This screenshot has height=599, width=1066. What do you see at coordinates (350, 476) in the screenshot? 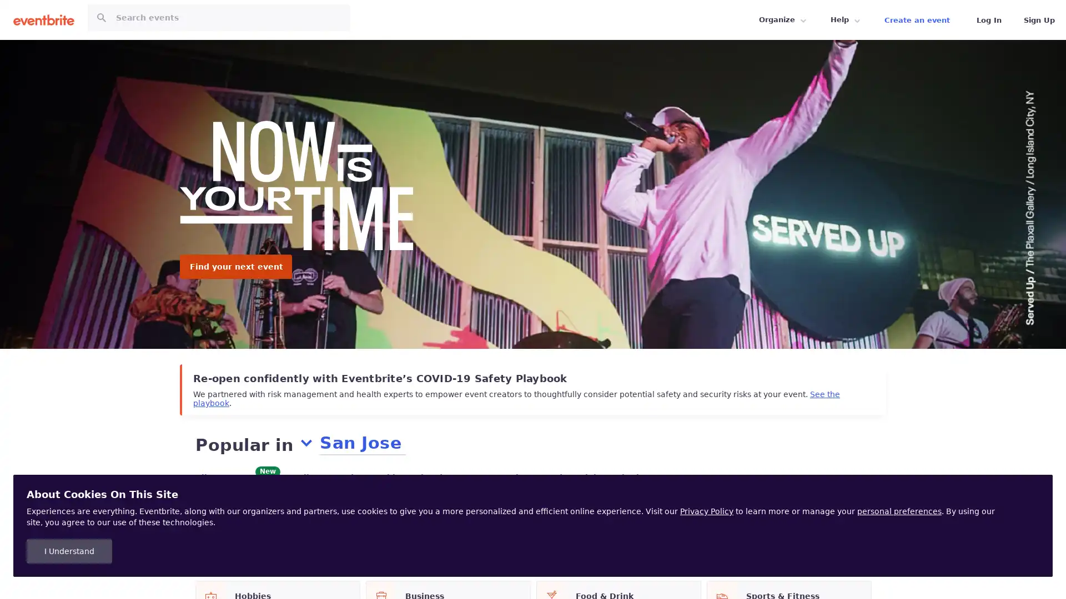
I see `Today` at bounding box center [350, 476].